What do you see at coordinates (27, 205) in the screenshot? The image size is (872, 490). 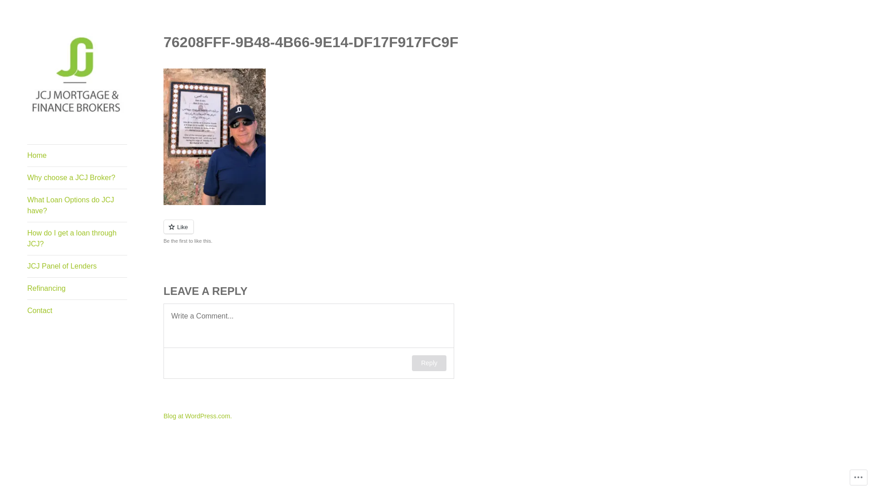 I see `'What Loan Options do JCJ have?'` at bounding box center [27, 205].